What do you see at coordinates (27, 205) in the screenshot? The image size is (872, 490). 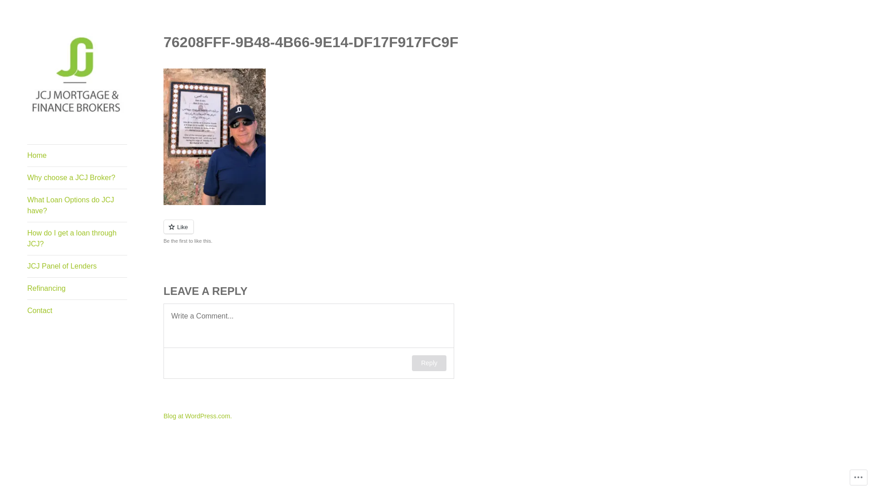 I see `'What Loan Options do JCJ have?'` at bounding box center [27, 205].